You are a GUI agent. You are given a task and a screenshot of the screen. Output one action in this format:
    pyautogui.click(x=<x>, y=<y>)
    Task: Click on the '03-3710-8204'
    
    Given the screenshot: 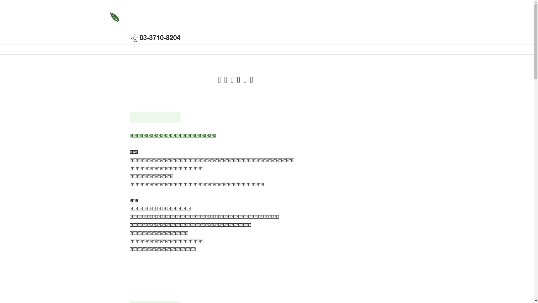 What is the action you would take?
    pyautogui.click(x=160, y=38)
    